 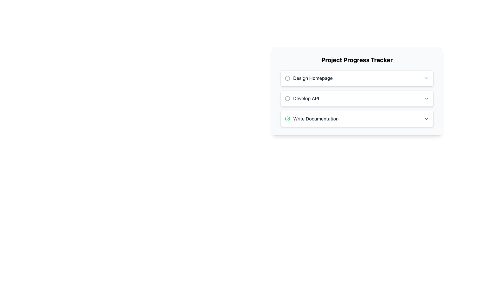 I want to click on the third list item in the 'Project Progress Tracker' section, so click(x=357, y=119).